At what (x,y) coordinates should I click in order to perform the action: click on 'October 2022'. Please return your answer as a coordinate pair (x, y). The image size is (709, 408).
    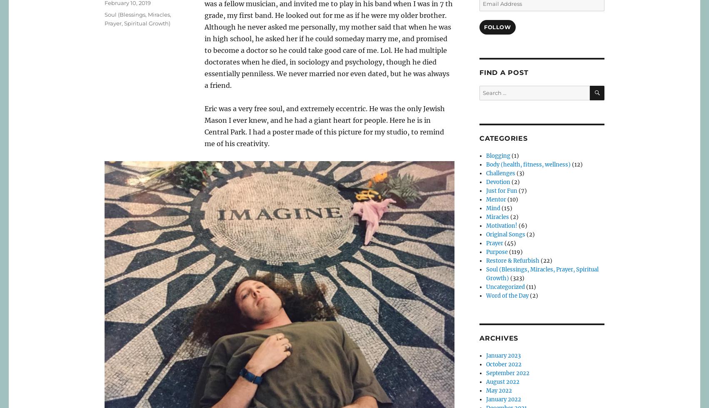
    Looking at the image, I should click on (486, 364).